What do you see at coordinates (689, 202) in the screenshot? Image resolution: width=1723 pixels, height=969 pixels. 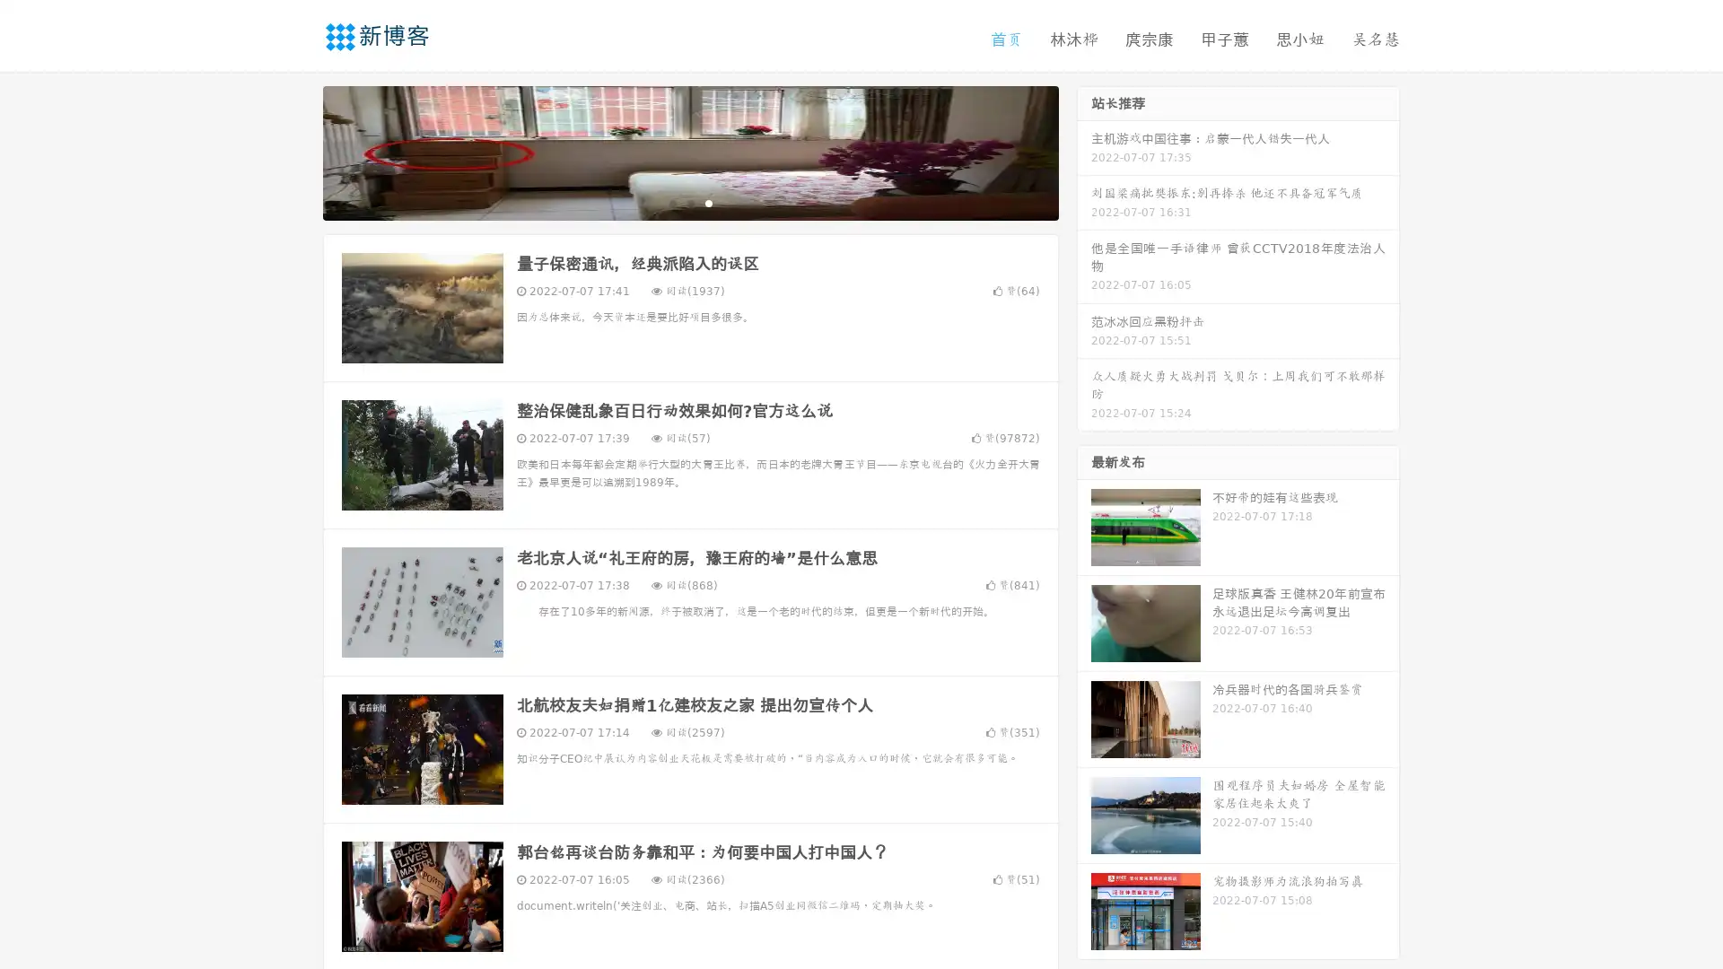 I see `Go to slide 2` at bounding box center [689, 202].